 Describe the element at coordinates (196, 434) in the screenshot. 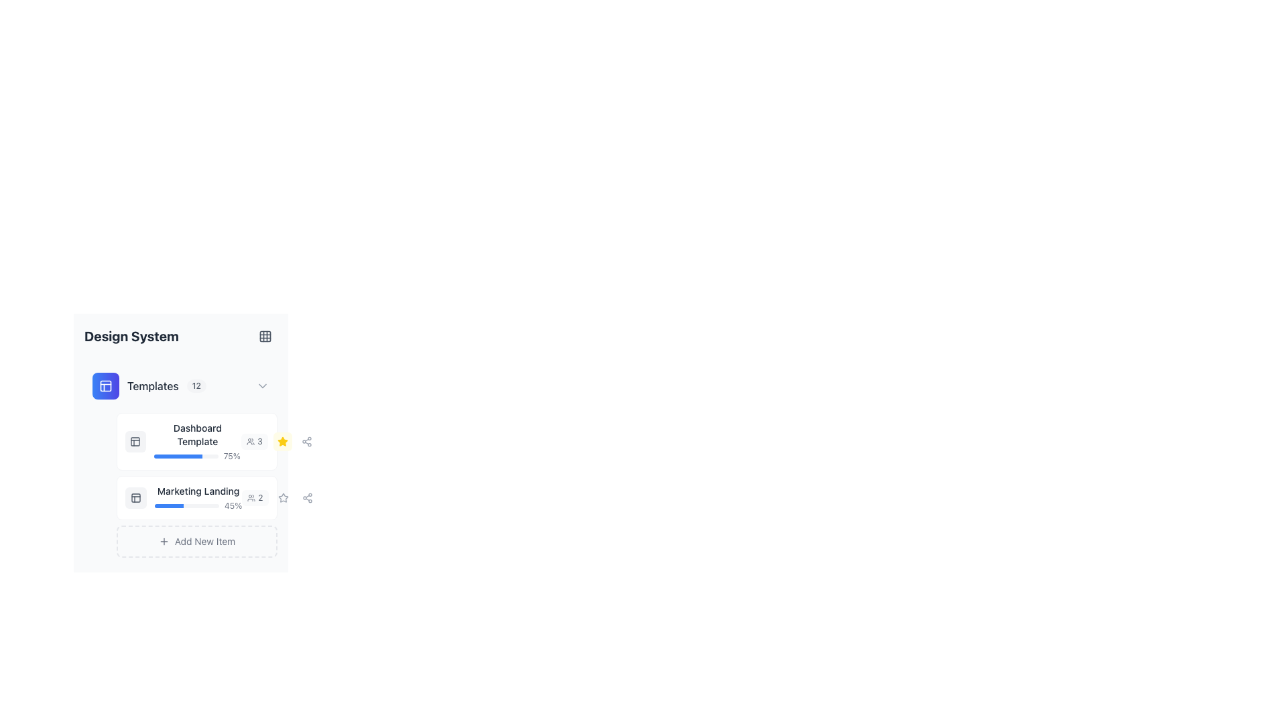

I see `text label displaying 'Dashboard Template' located at the top of the card component in the 'Templates' section` at that location.